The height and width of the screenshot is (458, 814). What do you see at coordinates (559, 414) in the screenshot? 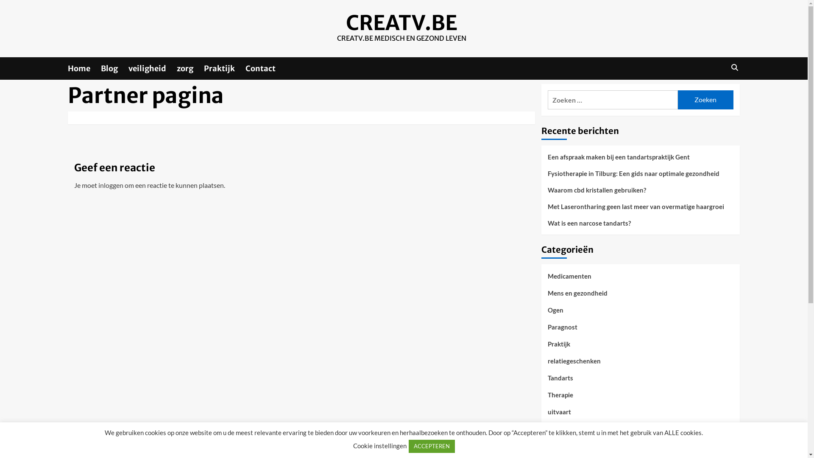
I see `'uitvaart'` at bounding box center [559, 414].